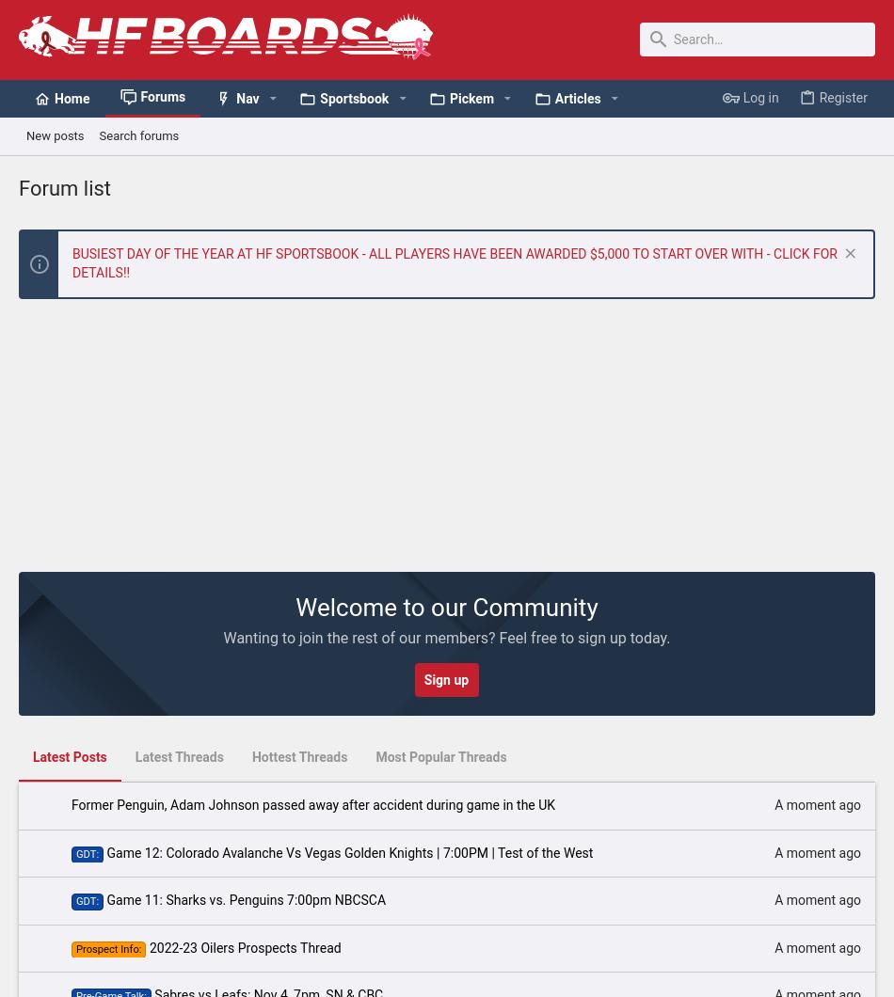 This screenshot has height=997, width=894. I want to click on 'Game 12: Colorado Avalanche Vs Vegas Golden Knights | 7:00PM | Test of the West', so click(348, 851).